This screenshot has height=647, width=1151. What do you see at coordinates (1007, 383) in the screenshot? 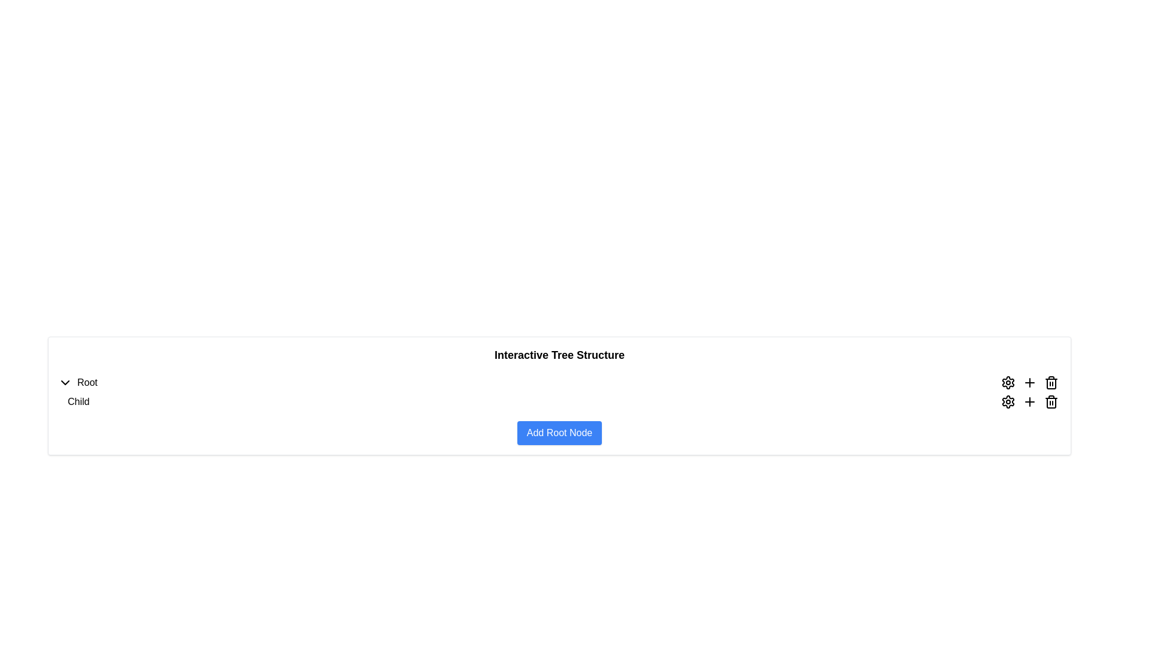
I see `the settings icon located in the lower-right corner of the interface` at bounding box center [1007, 383].